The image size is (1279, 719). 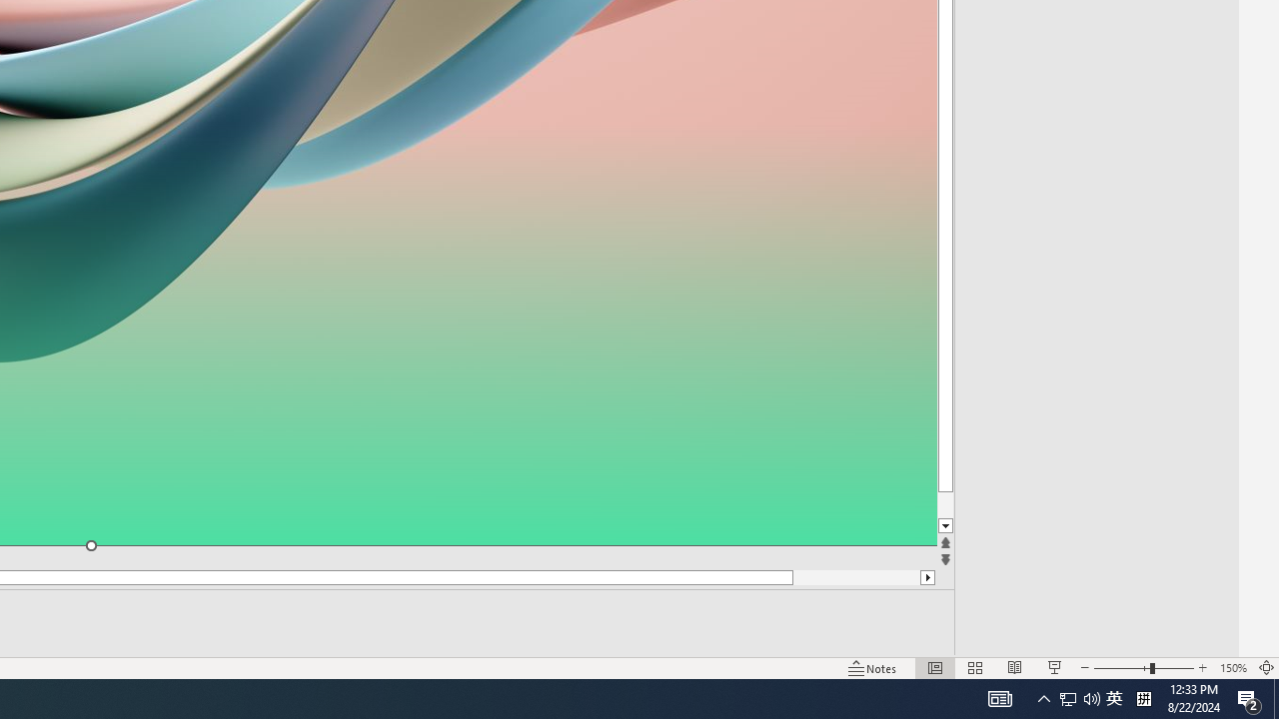 I want to click on 'Page down', so click(x=982, y=504).